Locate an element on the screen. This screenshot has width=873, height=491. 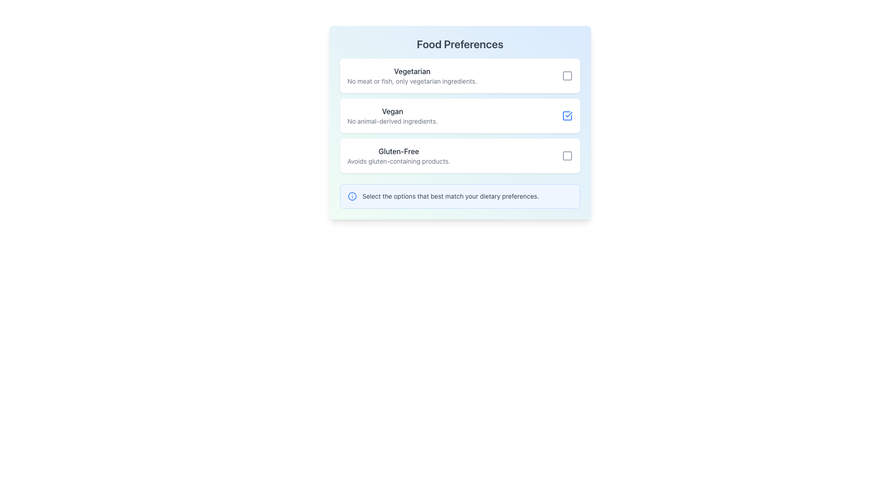
the checkbox is located at coordinates (460, 115).